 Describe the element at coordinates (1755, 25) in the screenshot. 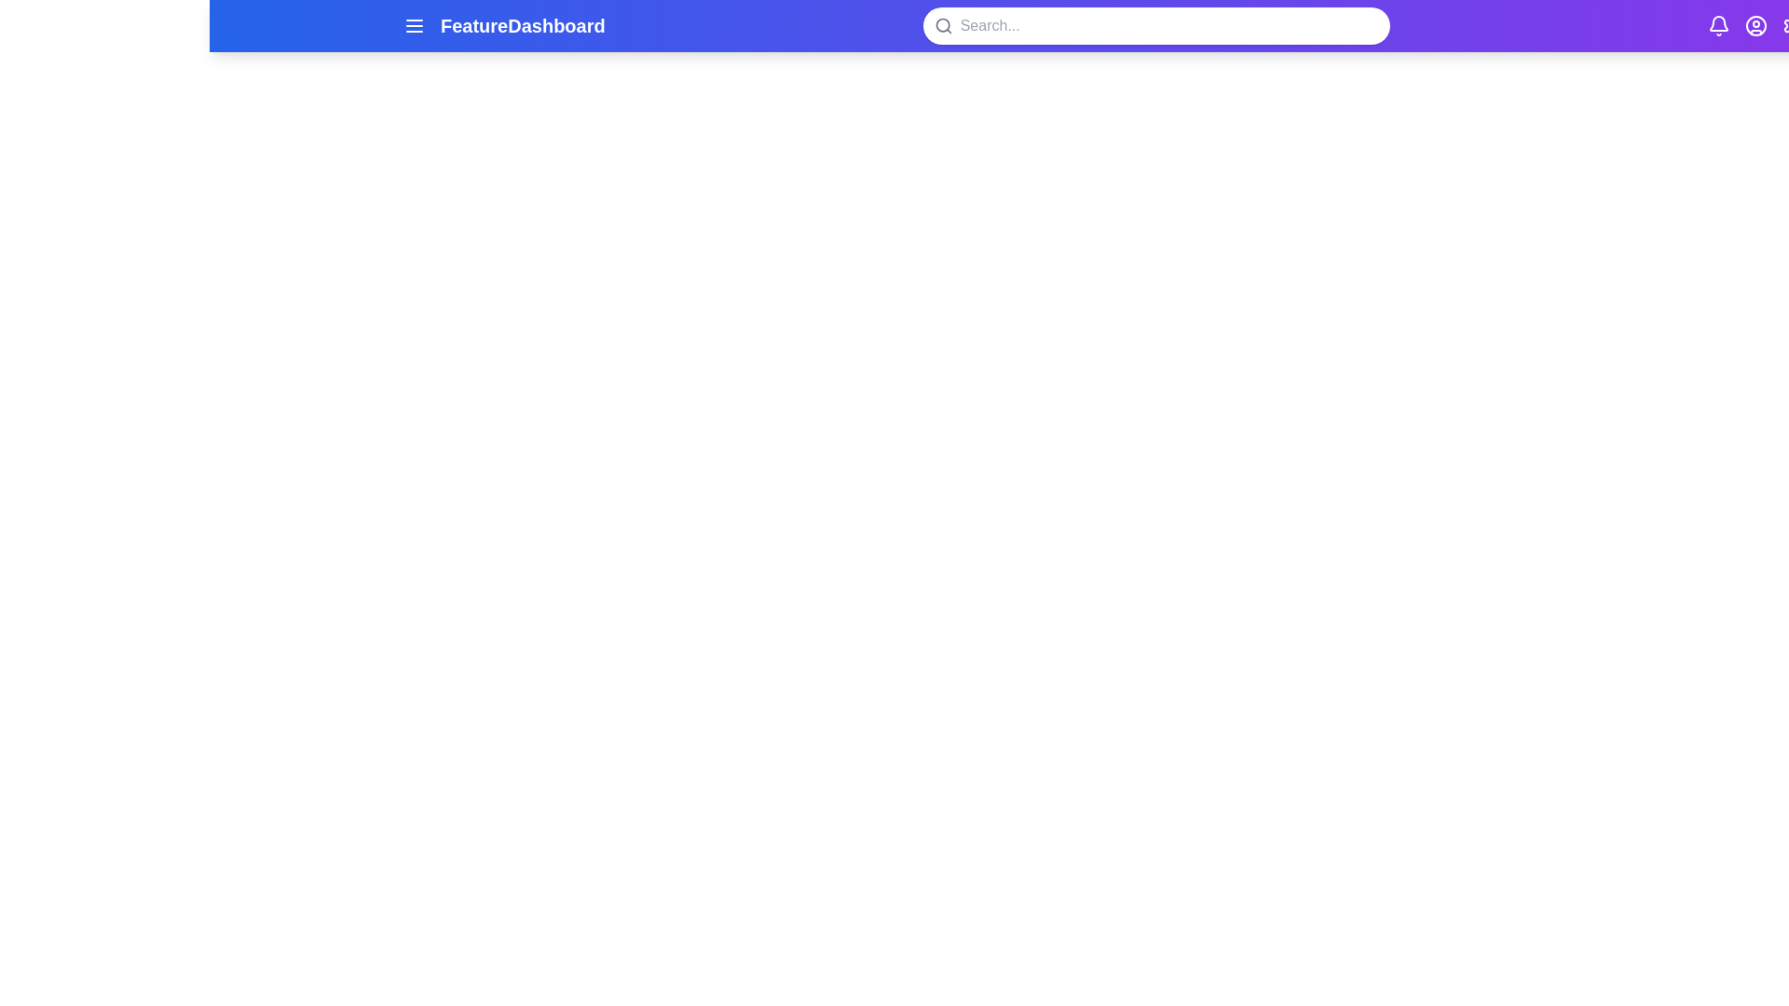

I see `the user profile icon located at the top right corner of the interface` at that location.